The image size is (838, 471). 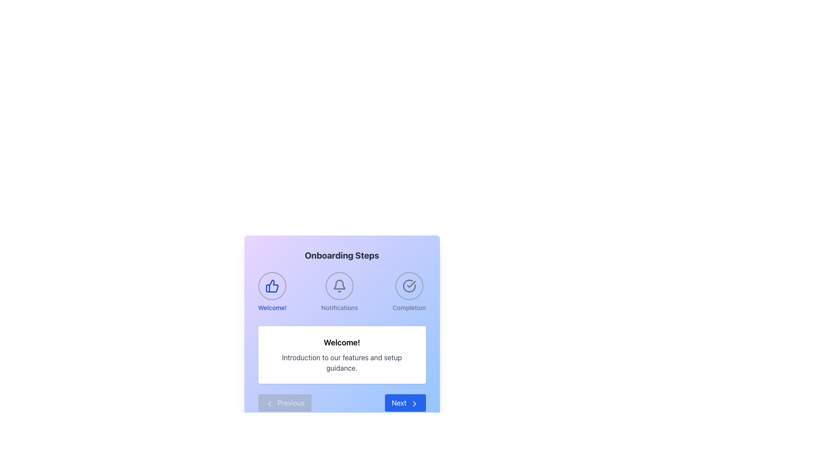 What do you see at coordinates (339, 292) in the screenshot?
I see `the Notifications icon, which features a circular light gray bell illustration with the label 'Notifications' below it` at bounding box center [339, 292].